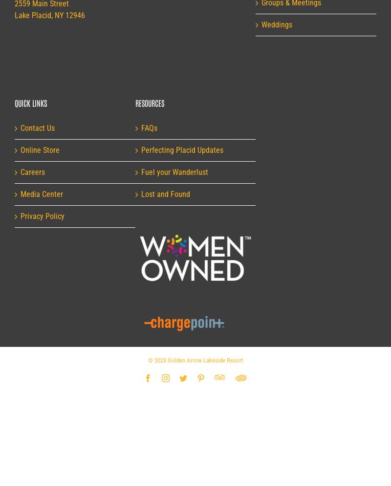 The height and width of the screenshot is (486, 391). Describe the element at coordinates (141, 150) in the screenshot. I see `'Perfecting Placid Updates'` at that location.